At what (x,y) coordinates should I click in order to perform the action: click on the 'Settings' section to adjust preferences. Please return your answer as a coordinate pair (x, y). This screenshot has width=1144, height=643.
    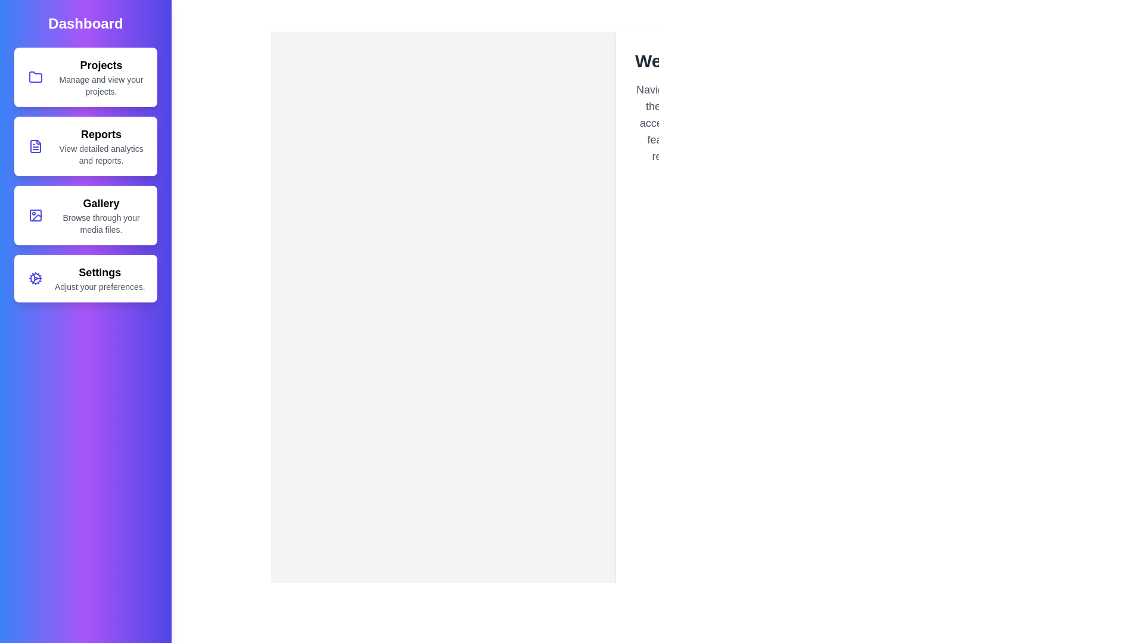
    Looking at the image, I should click on (85, 278).